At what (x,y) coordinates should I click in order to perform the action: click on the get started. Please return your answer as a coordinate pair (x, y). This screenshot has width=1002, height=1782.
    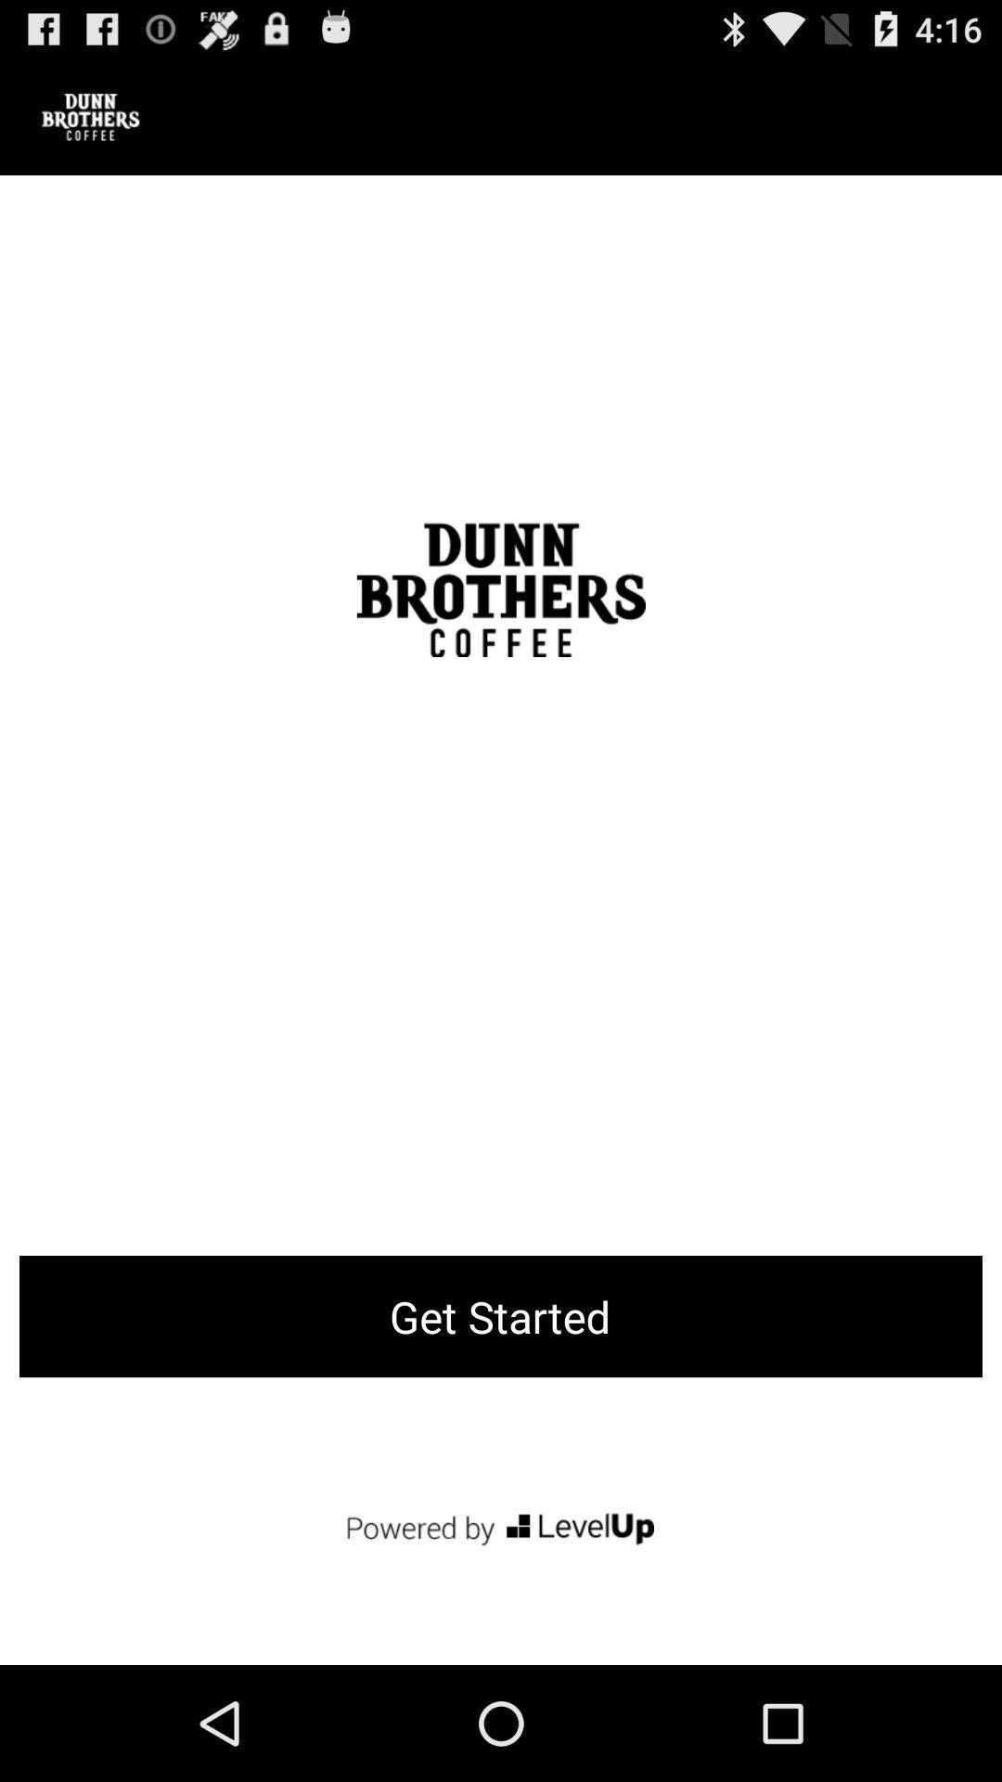
    Looking at the image, I should click on (501, 1315).